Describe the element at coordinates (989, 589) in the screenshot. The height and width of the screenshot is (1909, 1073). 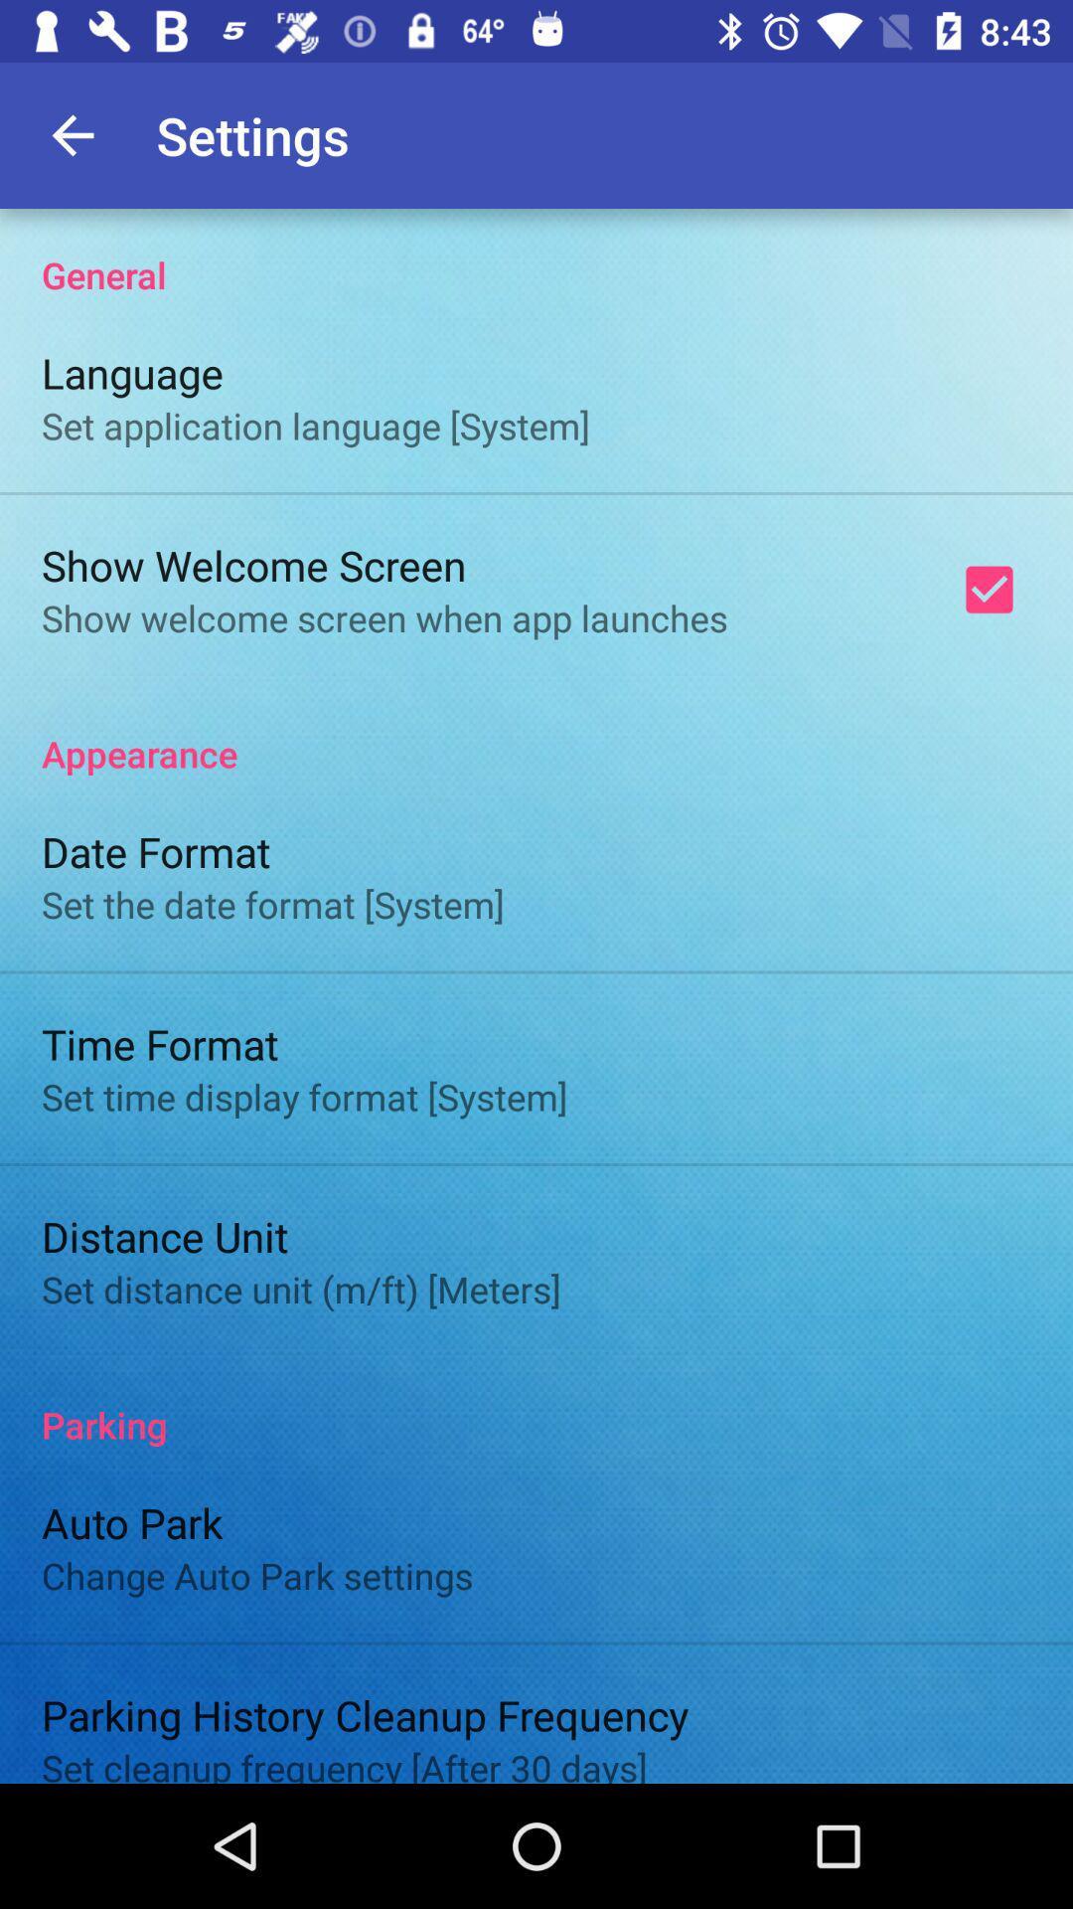
I see `item at the top right corner` at that location.